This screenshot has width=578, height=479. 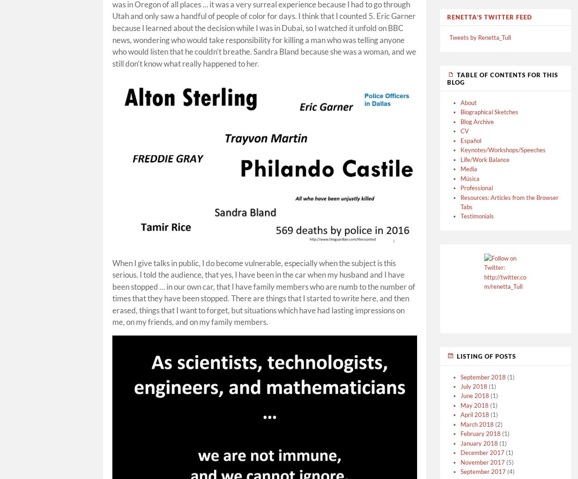 What do you see at coordinates (489, 112) in the screenshot?
I see `'Biographical Sketches'` at bounding box center [489, 112].